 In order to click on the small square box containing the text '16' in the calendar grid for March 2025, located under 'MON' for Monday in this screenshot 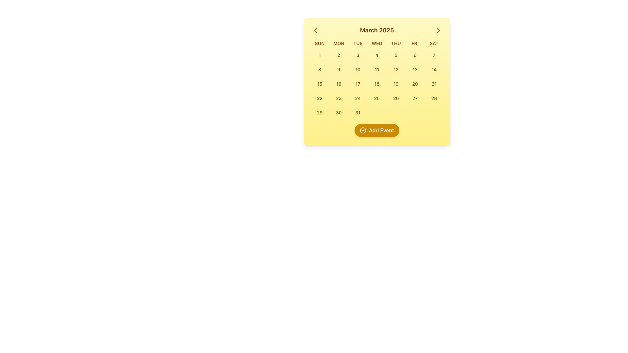, I will do `click(339, 84)`.